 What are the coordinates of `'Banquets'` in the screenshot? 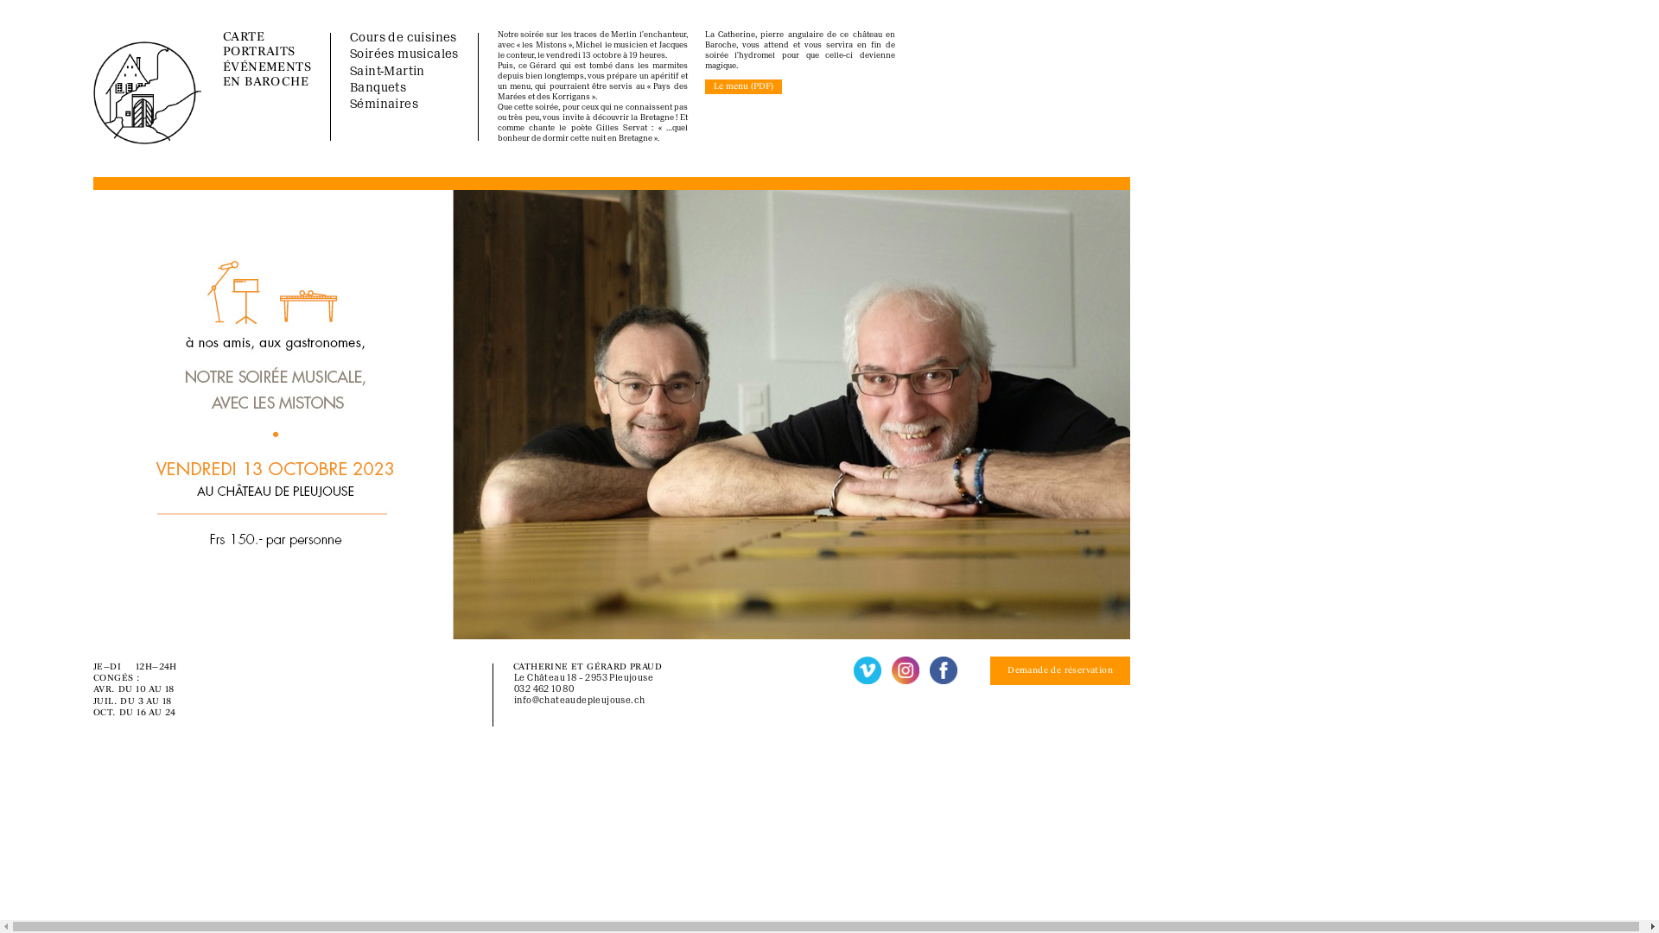 It's located at (348, 88).